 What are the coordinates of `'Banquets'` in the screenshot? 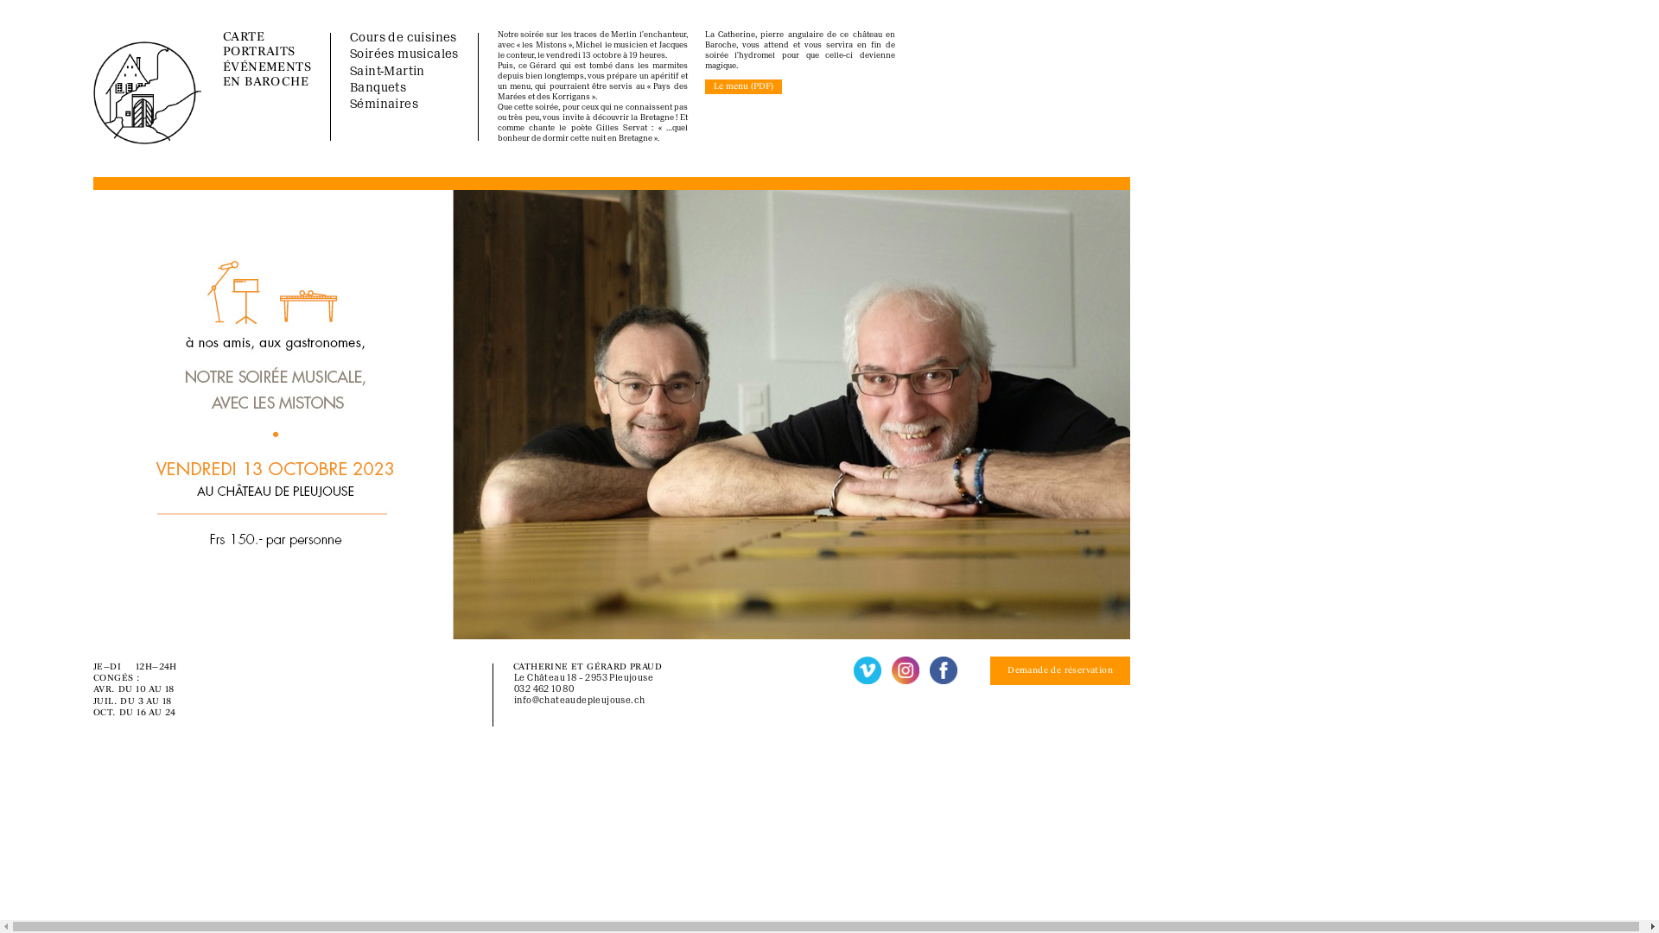 It's located at (348, 88).